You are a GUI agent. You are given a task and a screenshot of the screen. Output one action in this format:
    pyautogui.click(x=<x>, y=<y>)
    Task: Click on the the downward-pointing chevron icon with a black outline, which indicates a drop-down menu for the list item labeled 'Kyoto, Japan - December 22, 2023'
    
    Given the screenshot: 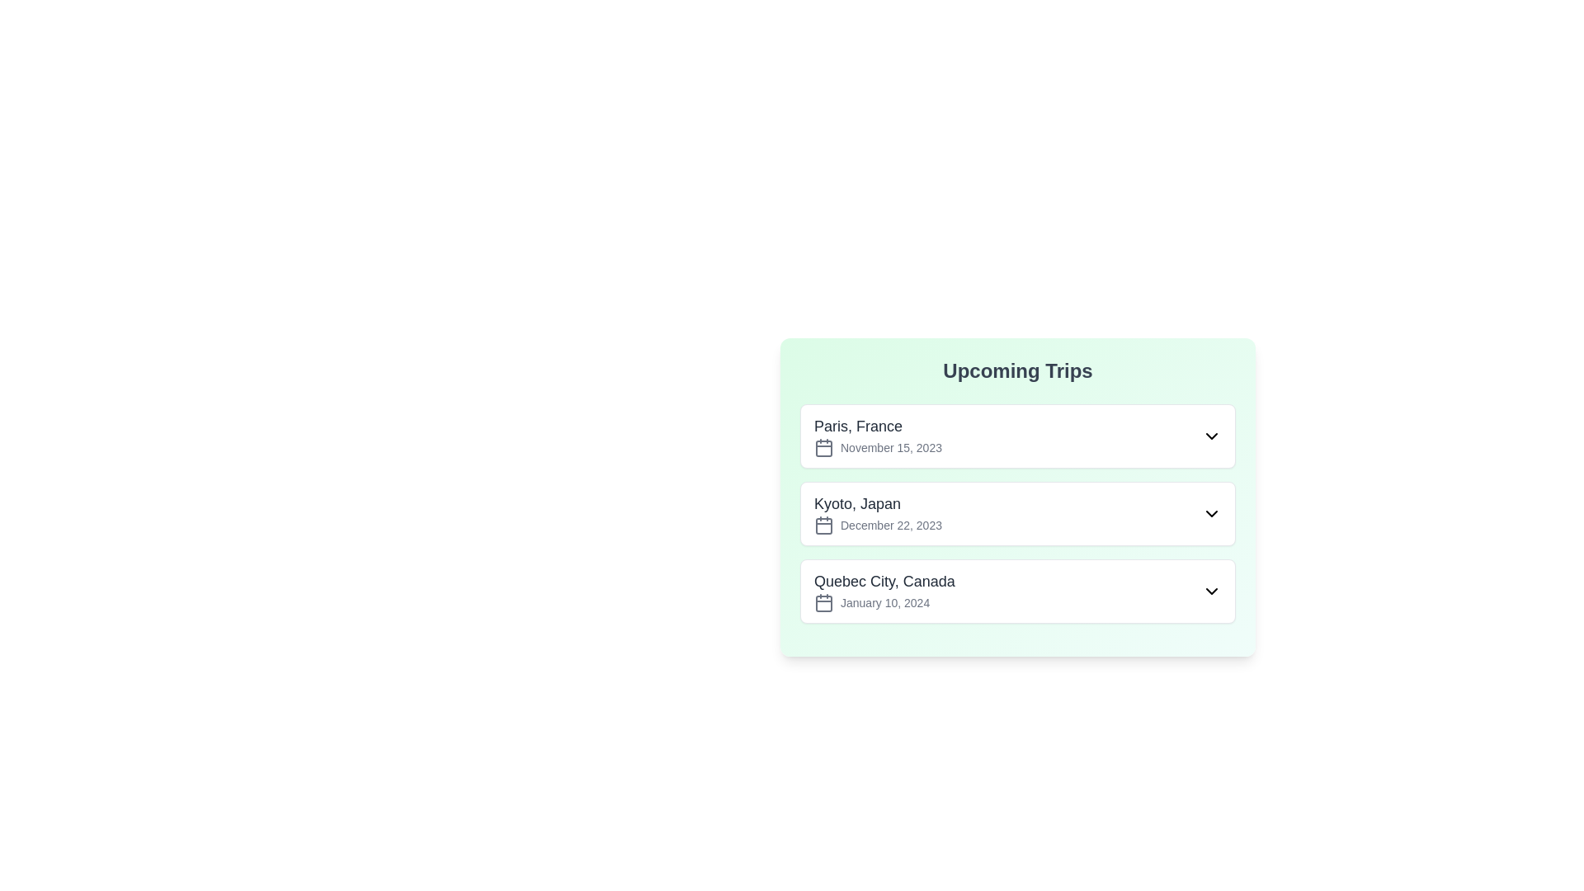 What is the action you would take?
    pyautogui.click(x=1211, y=513)
    